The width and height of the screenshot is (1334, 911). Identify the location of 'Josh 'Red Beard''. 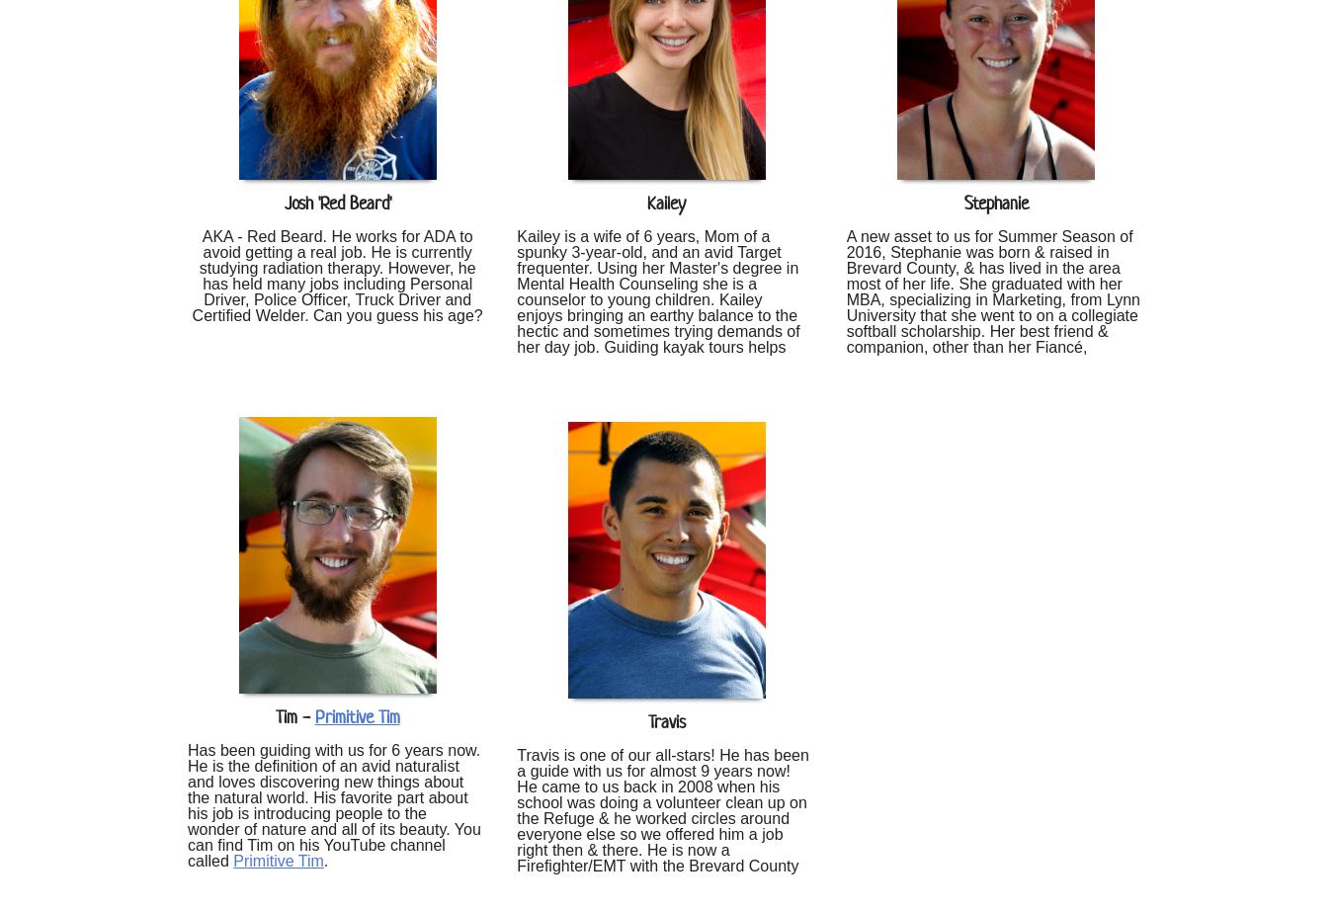
(337, 203).